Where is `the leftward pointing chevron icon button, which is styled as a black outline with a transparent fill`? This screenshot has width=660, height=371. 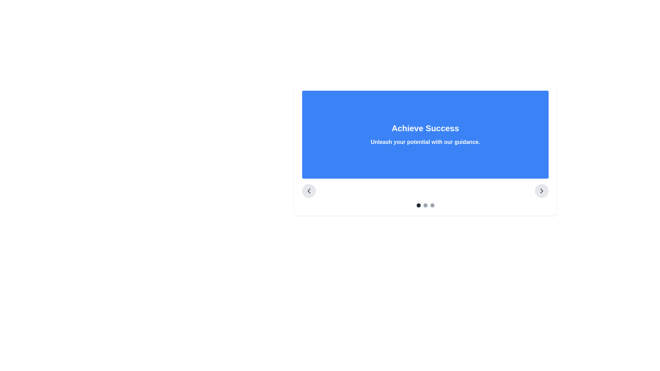
the leftward pointing chevron icon button, which is styled as a black outline with a transparent fill is located at coordinates (308, 191).